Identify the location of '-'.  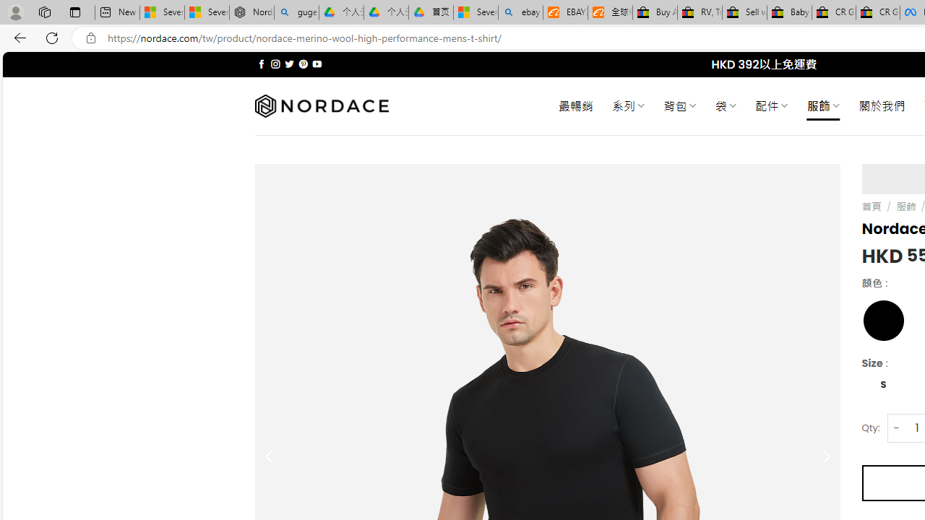
(895, 427).